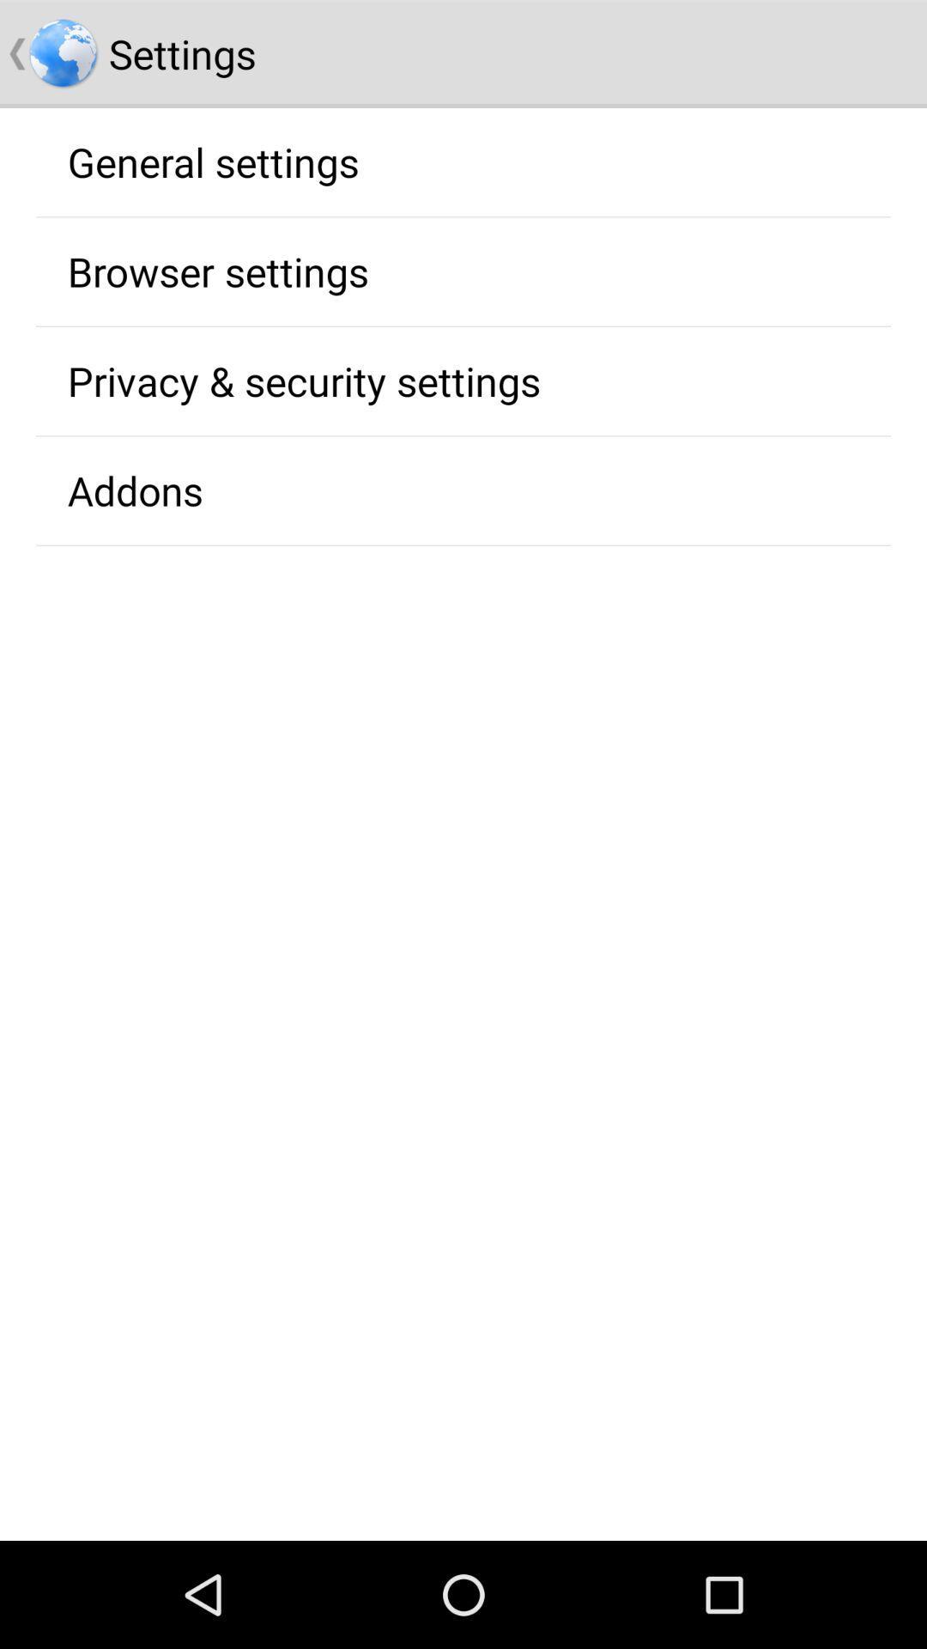 This screenshot has width=927, height=1649. I want to click on app above the browser settings app, so click(212, 161).